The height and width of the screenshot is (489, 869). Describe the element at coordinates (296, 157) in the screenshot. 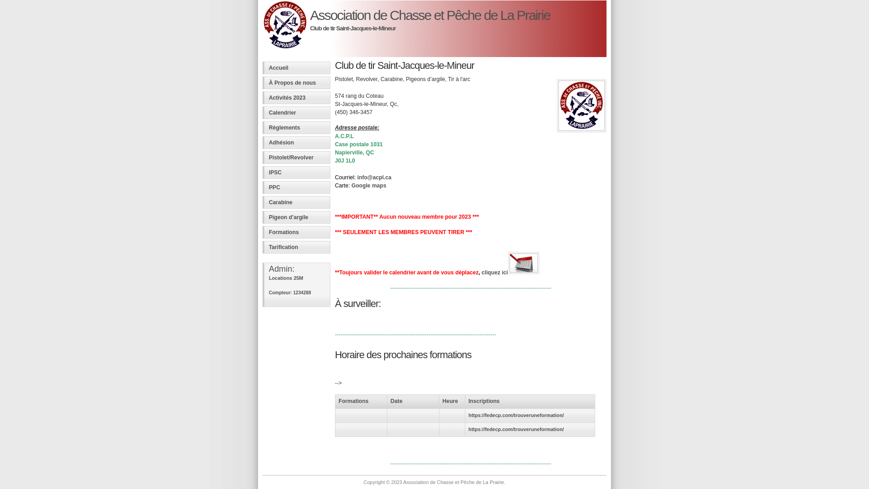

I see `'Pistolet/Revolver'` at that location.